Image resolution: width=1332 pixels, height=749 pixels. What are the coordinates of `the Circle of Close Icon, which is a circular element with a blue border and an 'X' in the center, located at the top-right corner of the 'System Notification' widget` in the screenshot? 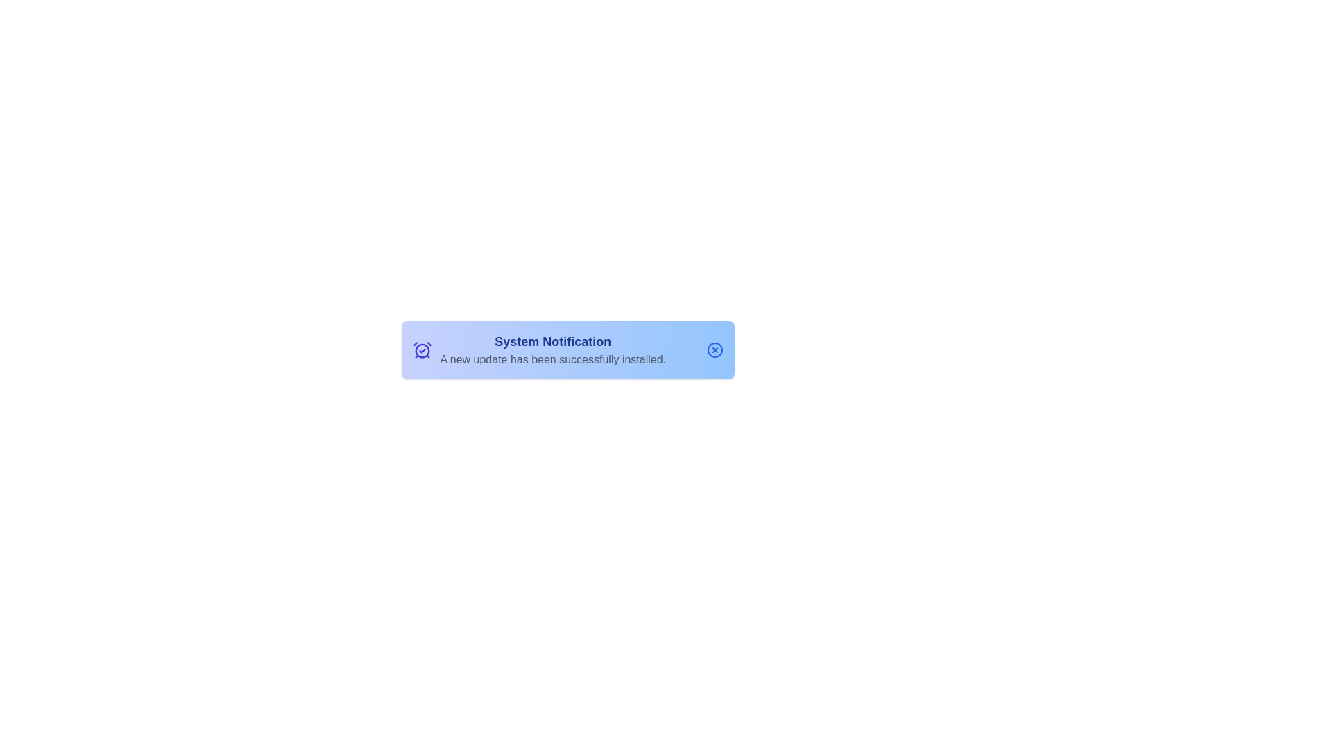 It's located at (715, 350).